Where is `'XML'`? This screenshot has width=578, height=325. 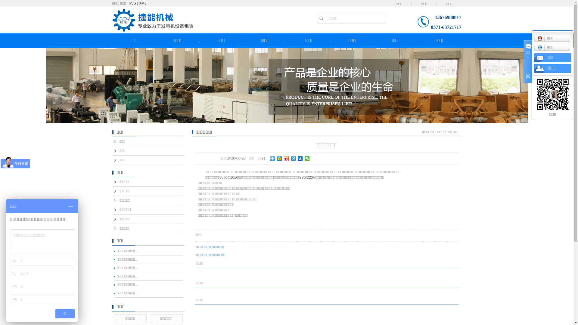
'XML' is located at coordinates (142, 3).